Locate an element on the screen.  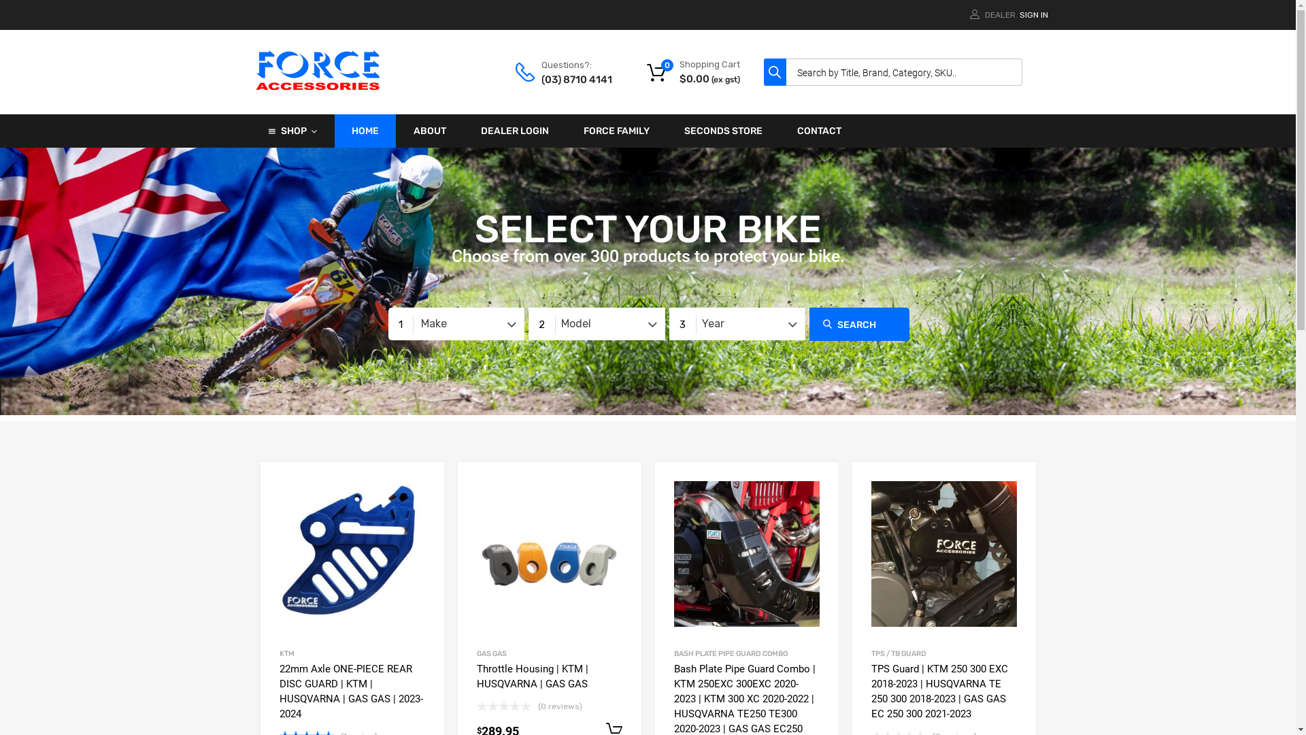
'Year' is located at coordinates (669, 323).